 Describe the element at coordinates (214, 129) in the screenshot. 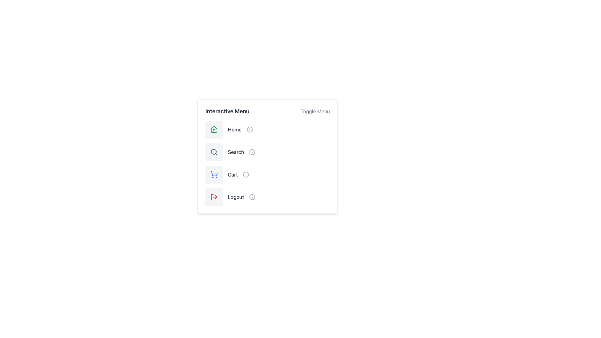

I see `the minimalist house icon with green strokes located in the topmost block of interactive items` at that location.